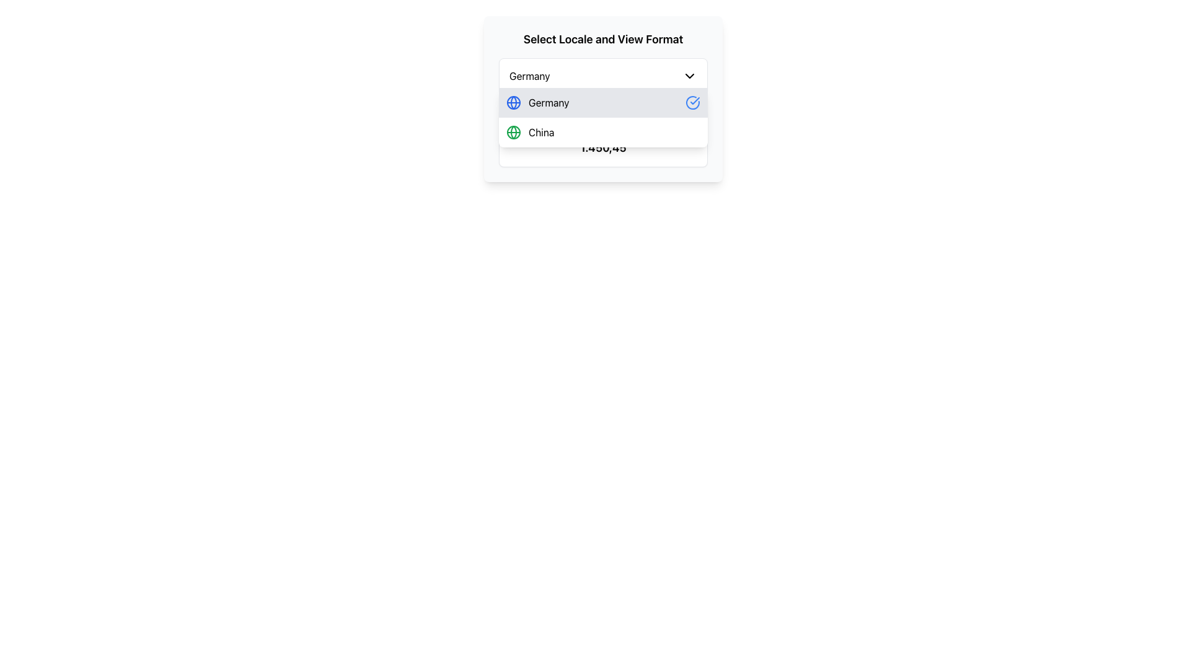 This screenshot has width=1190, height=669. What do you see at coordinates (692, 102) in the screenshot?
I see `the circular blue checkmark icon located at the right end of the 'Germany' row in the dropdown menu` at bounding box center [692, 102].